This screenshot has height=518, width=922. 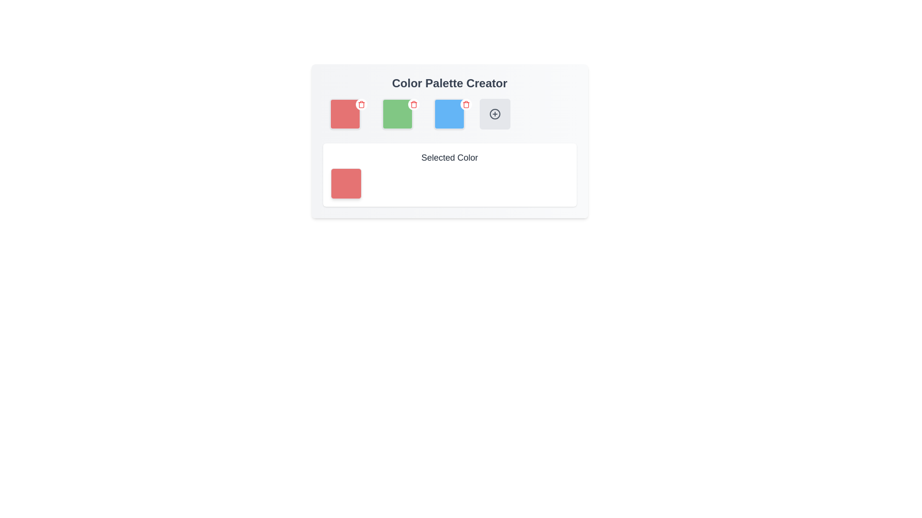 What do you see at coordinates (346, 183) in the screenshot?
I see `the Color Preview Box, which is a square-shaped block with rounded corners and a red background, positioned below the 'Selected Color' label` at bounding box center [346, 183].